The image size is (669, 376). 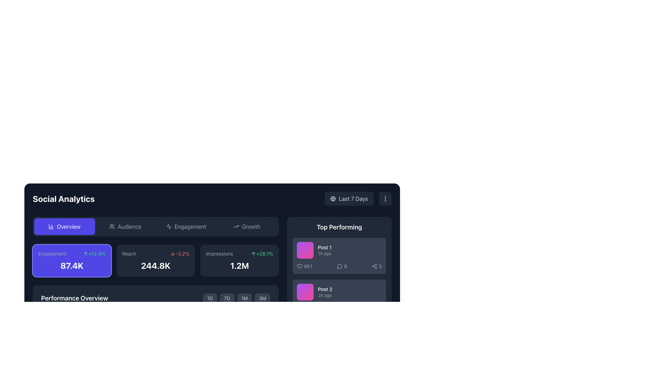 What do you see at coordinates (72, 266) in the screenshot?
I see `the text display element conveying engagement metrics, which is centrally located within a purple rectangular box labeled 'Engagement'` at bounding box center [72, 266].